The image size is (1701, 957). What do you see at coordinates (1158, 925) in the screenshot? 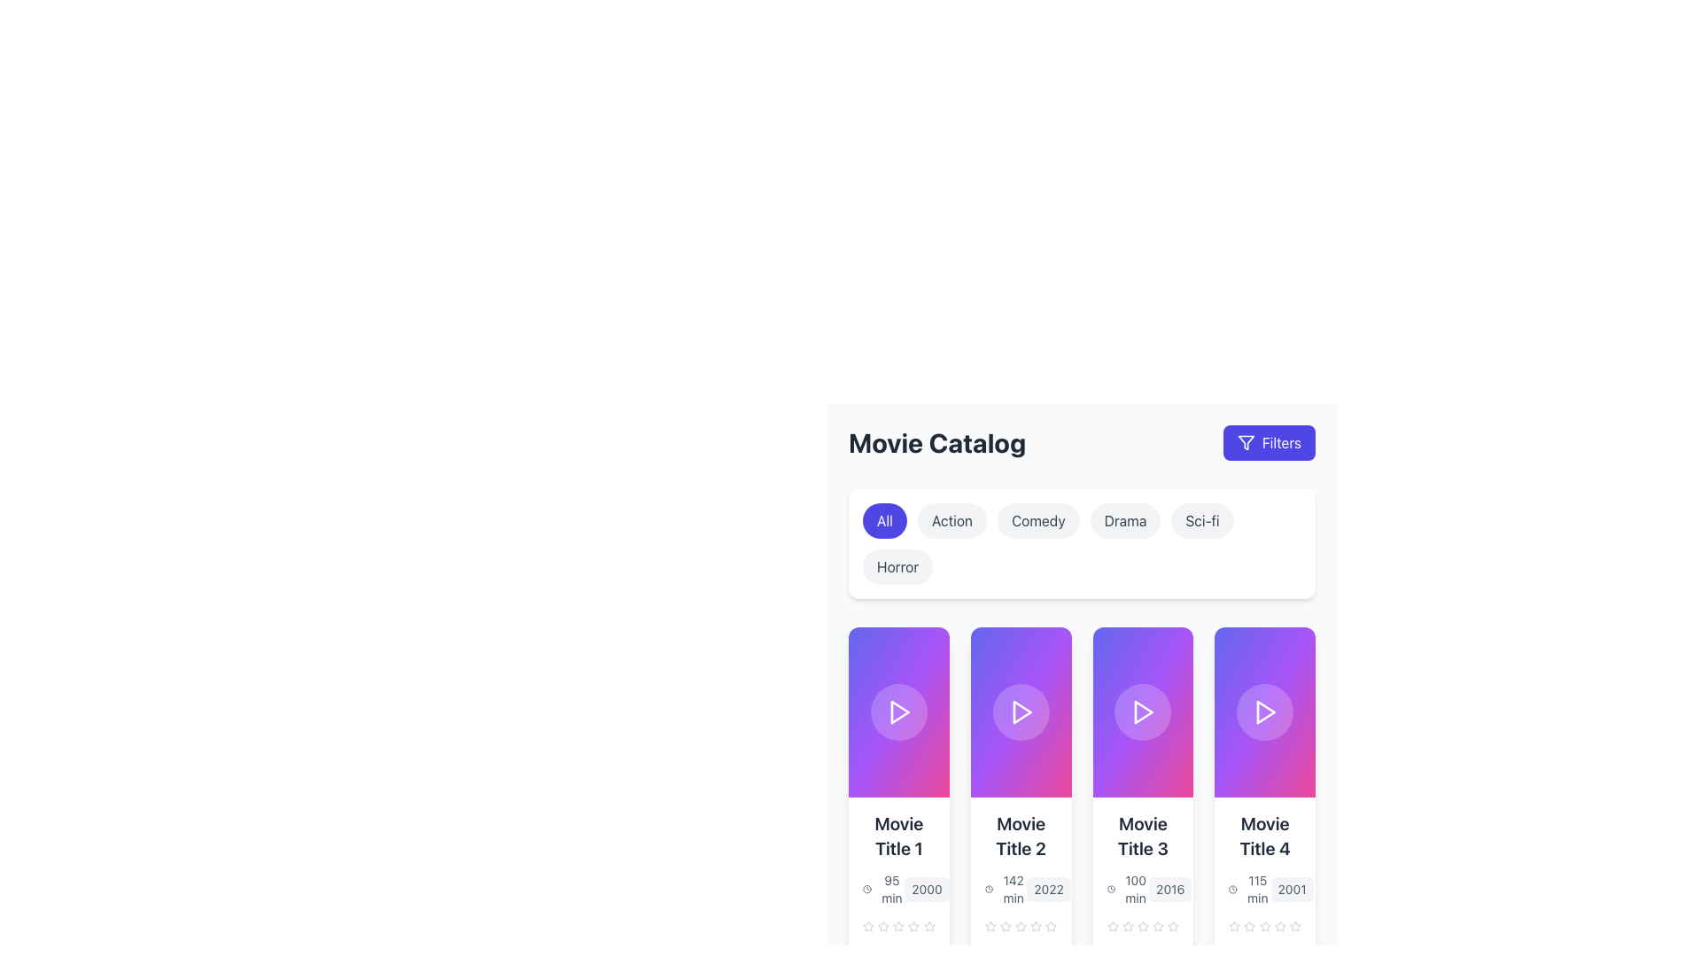
I see `the fifth star in the rating system for 'Movie Title 3'` at bounding box center [1158, 925].